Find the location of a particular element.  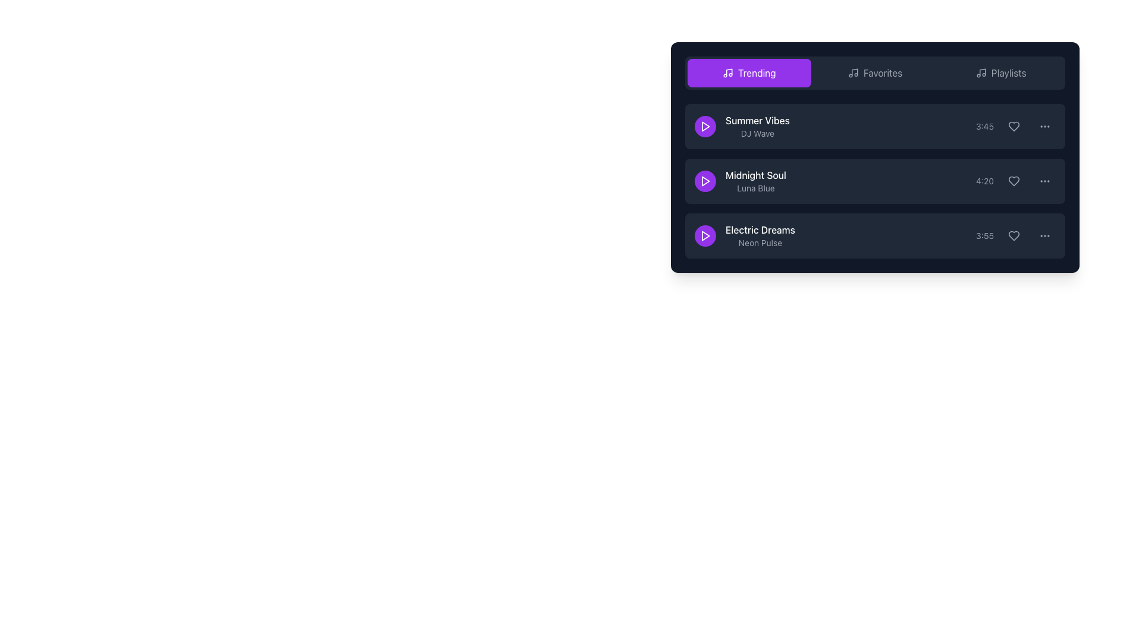

the text label displaying 'Luna Blue' in light gray, which is positioned directly beneath 'Midnight Soul' is located at coordinates (755, 187).